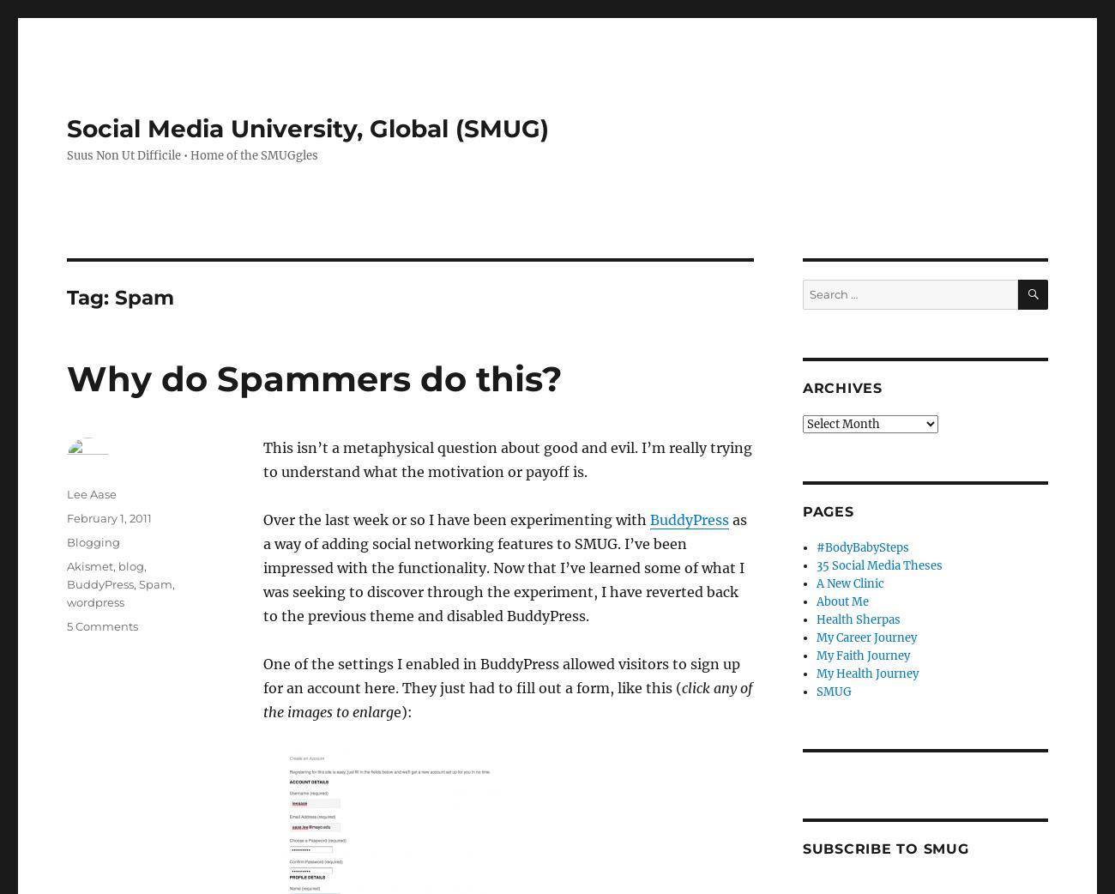 The height and width of the screenshot is (894, 1115). Describe the element at coordinates (816, 547) in the screenshot. I see `'#BodyBabySteps'` at that location.